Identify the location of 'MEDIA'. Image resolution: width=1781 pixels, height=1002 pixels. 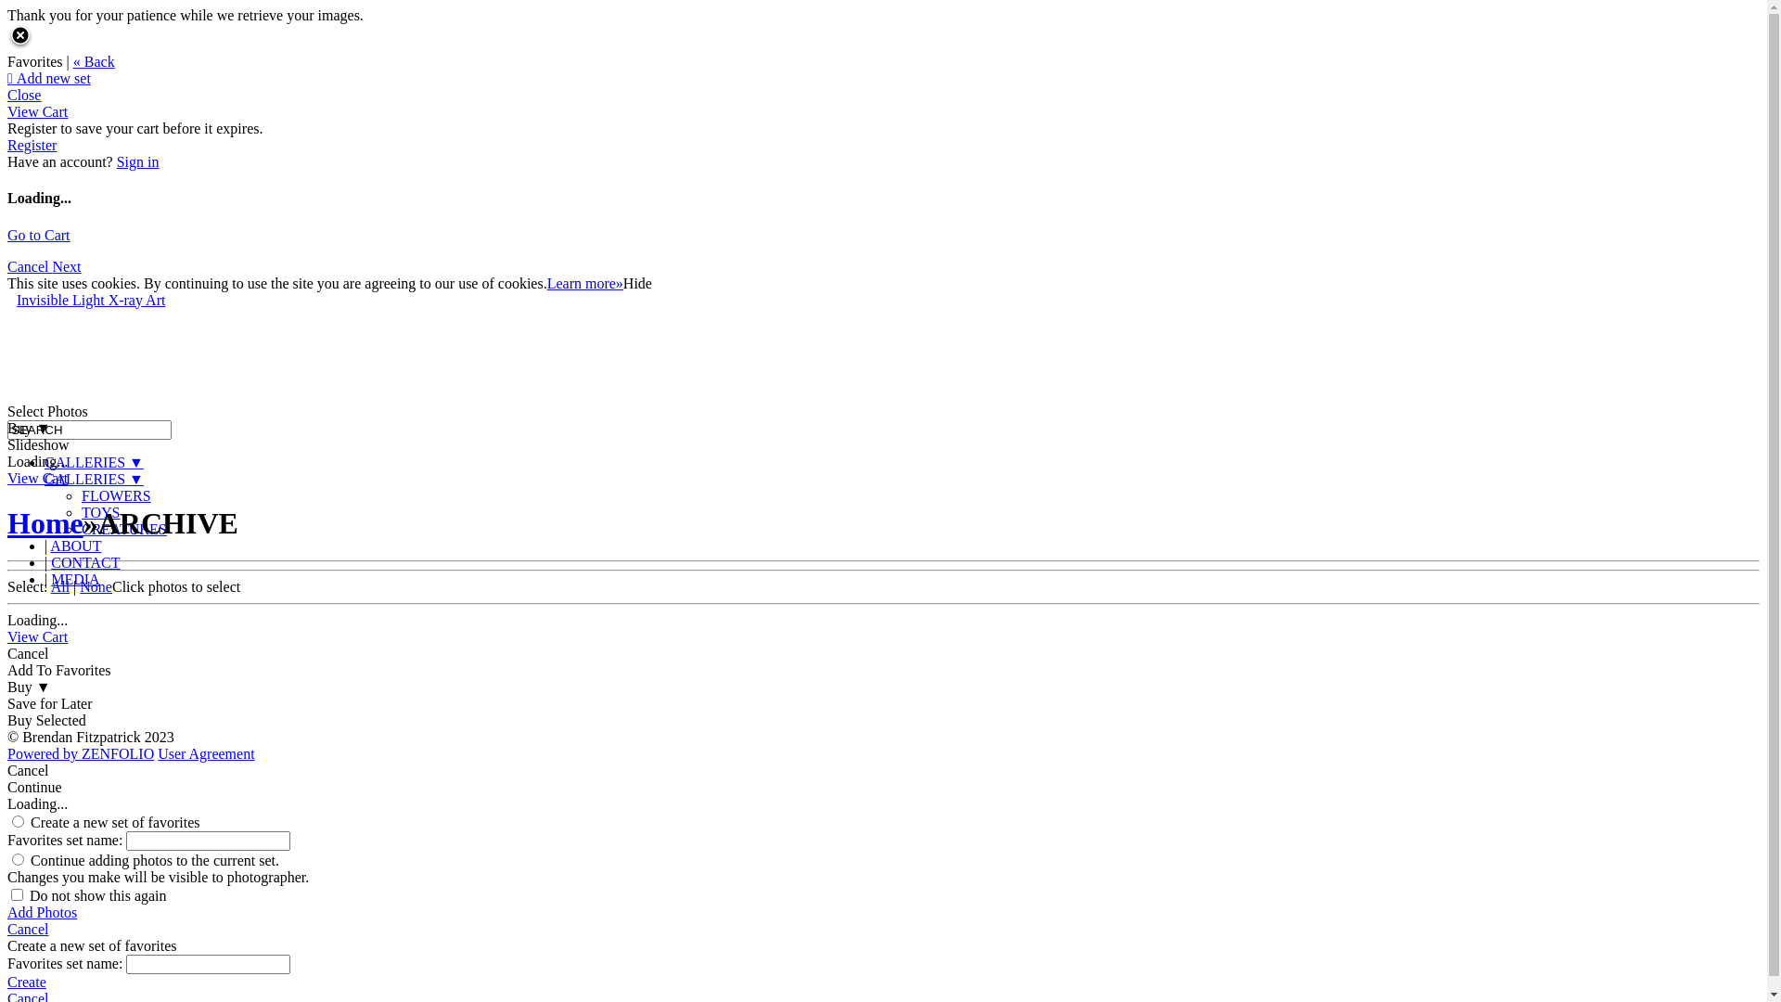
(74, 578).